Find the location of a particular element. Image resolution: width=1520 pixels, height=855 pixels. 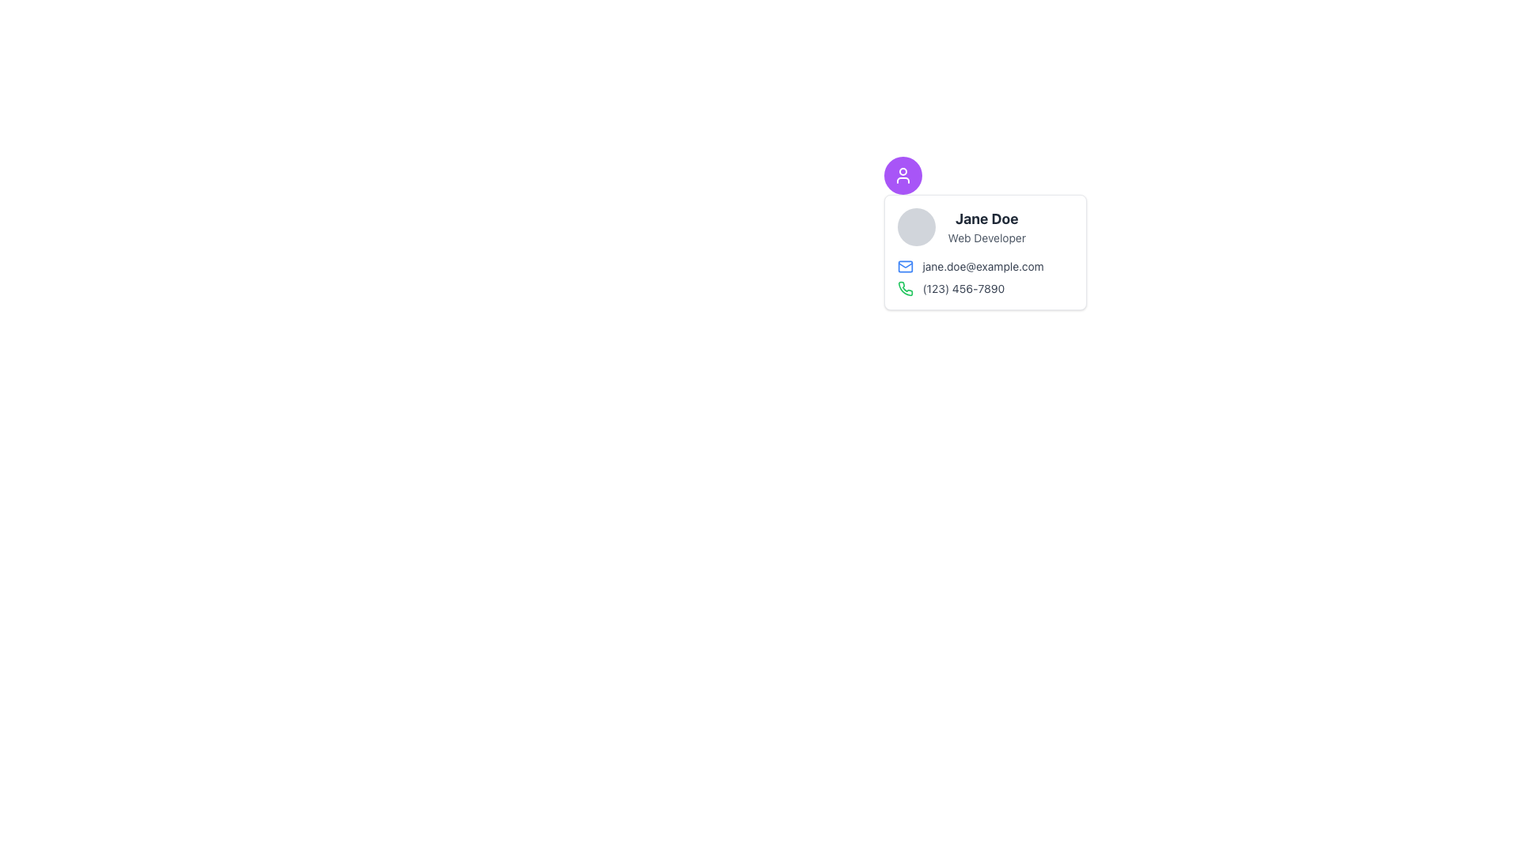

the blue envelope icon located to the left of the email address 'jane.doe@example.com' in the profile card is located at coordinates (905, 265).